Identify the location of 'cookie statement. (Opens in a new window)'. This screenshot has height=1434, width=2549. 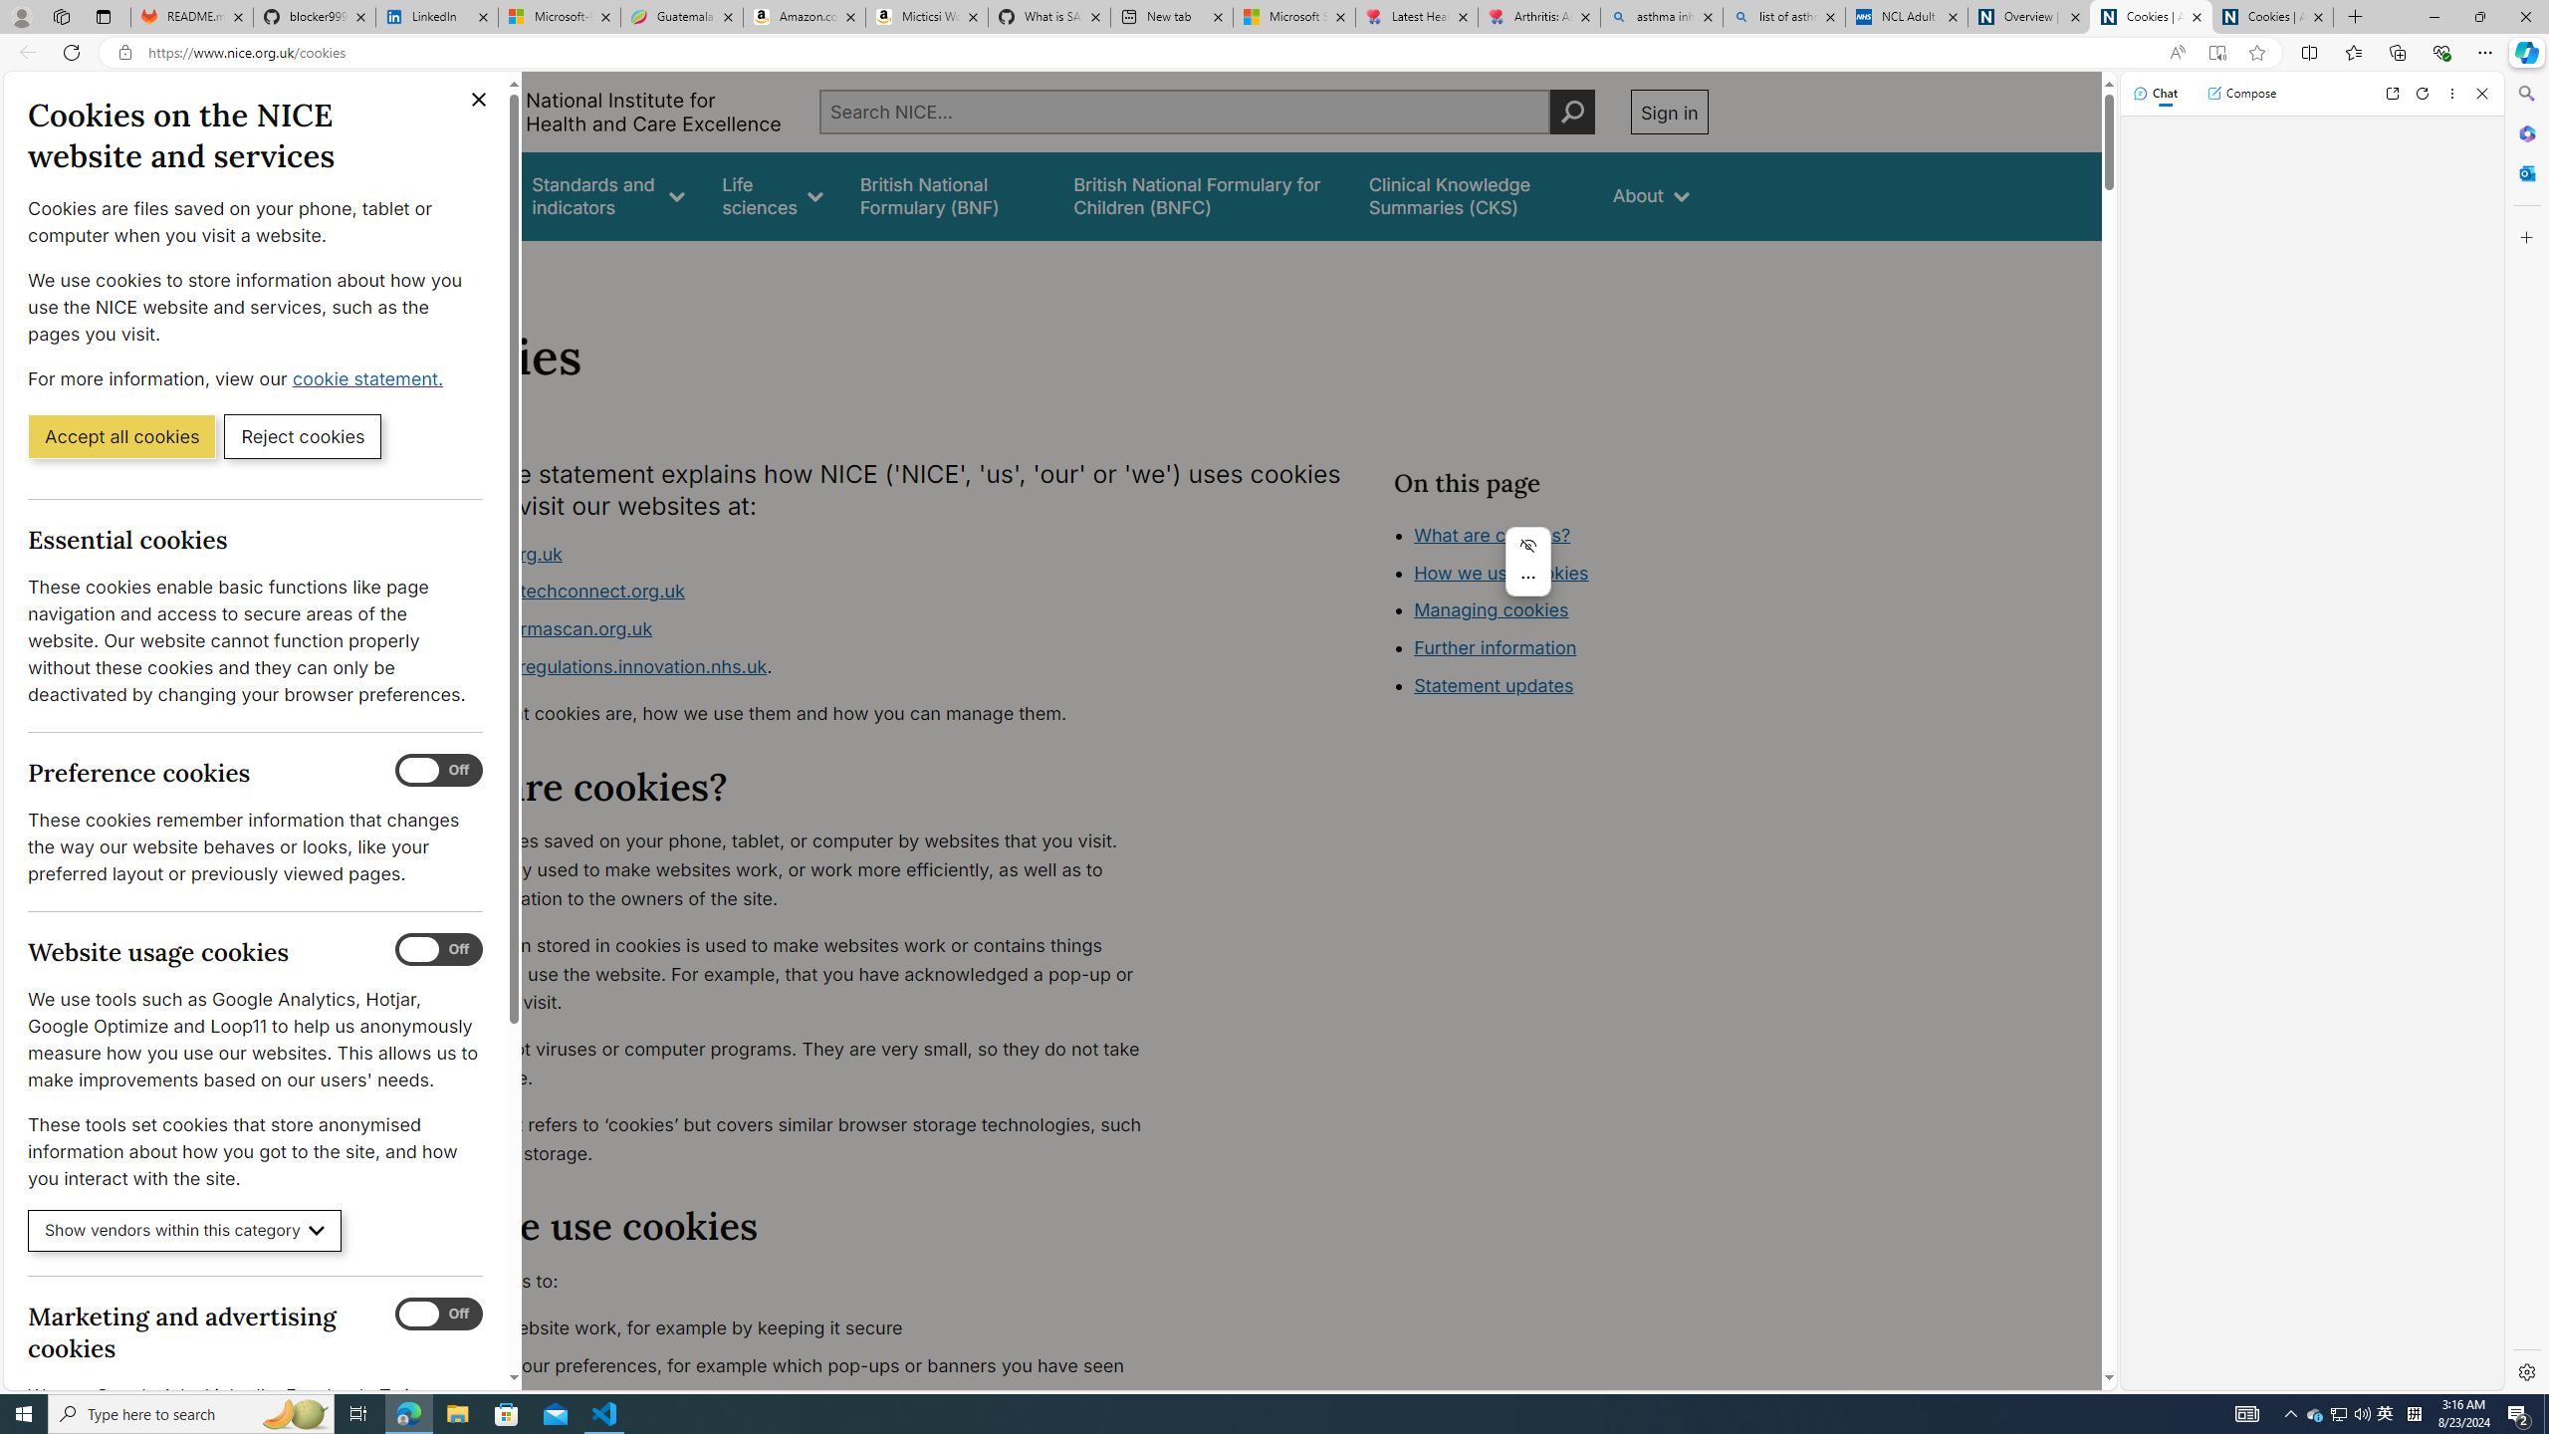
(369, 377).